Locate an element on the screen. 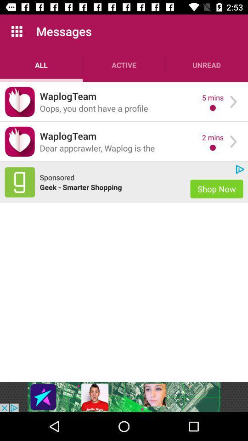 This screenshot has width=248, height=441. banner is located at coordinates (124, 396).